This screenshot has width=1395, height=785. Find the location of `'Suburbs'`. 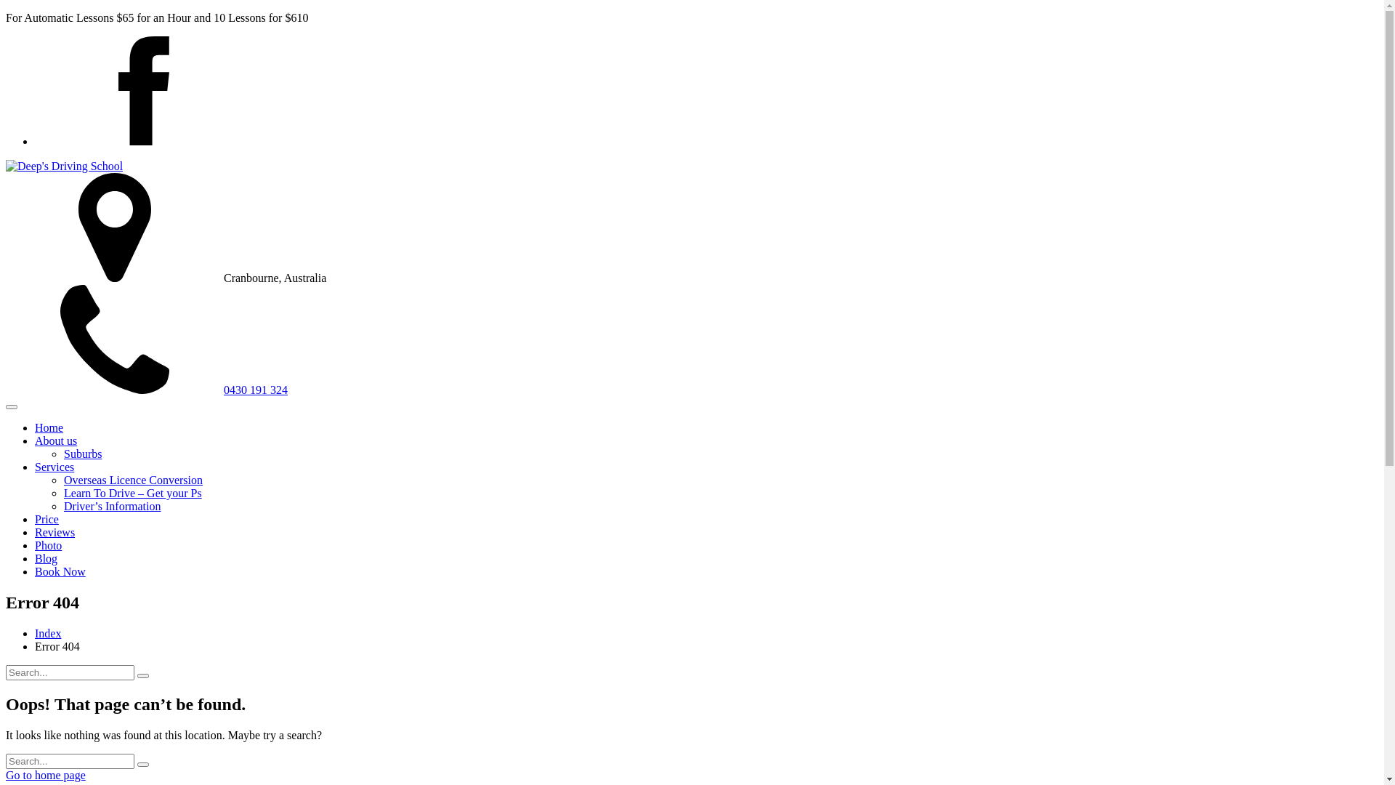

'Suburbs' is located at coordinates (62, 453).